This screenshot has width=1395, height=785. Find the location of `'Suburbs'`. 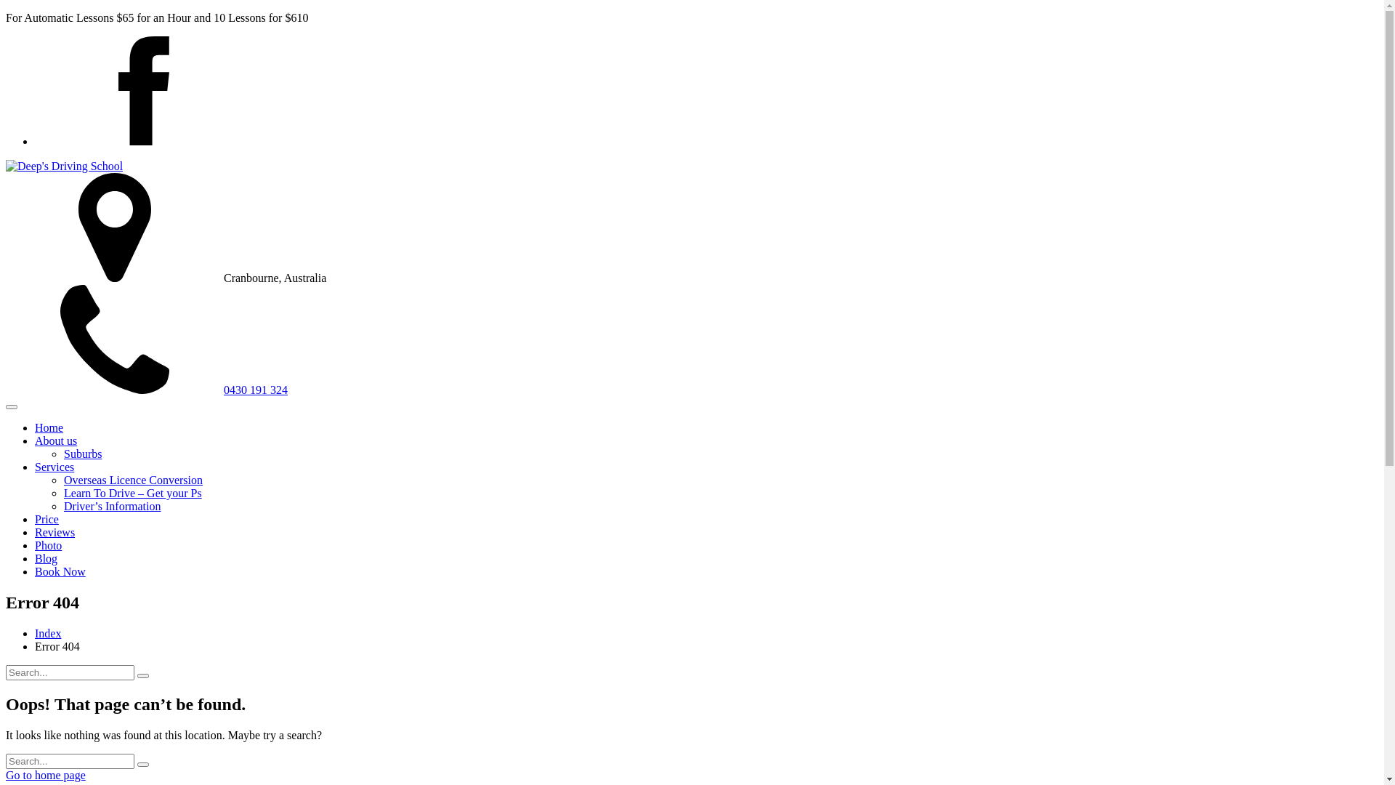

'Suburbs' is located at coordinates (62, 453).